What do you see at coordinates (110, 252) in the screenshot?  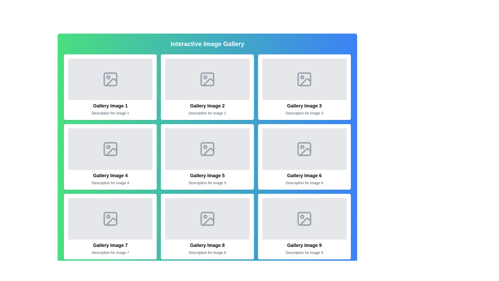 I see `text label located below the main title 'Gallery Image 7' in the ninth card of the gallery grid` at bounding box center [110, 252].